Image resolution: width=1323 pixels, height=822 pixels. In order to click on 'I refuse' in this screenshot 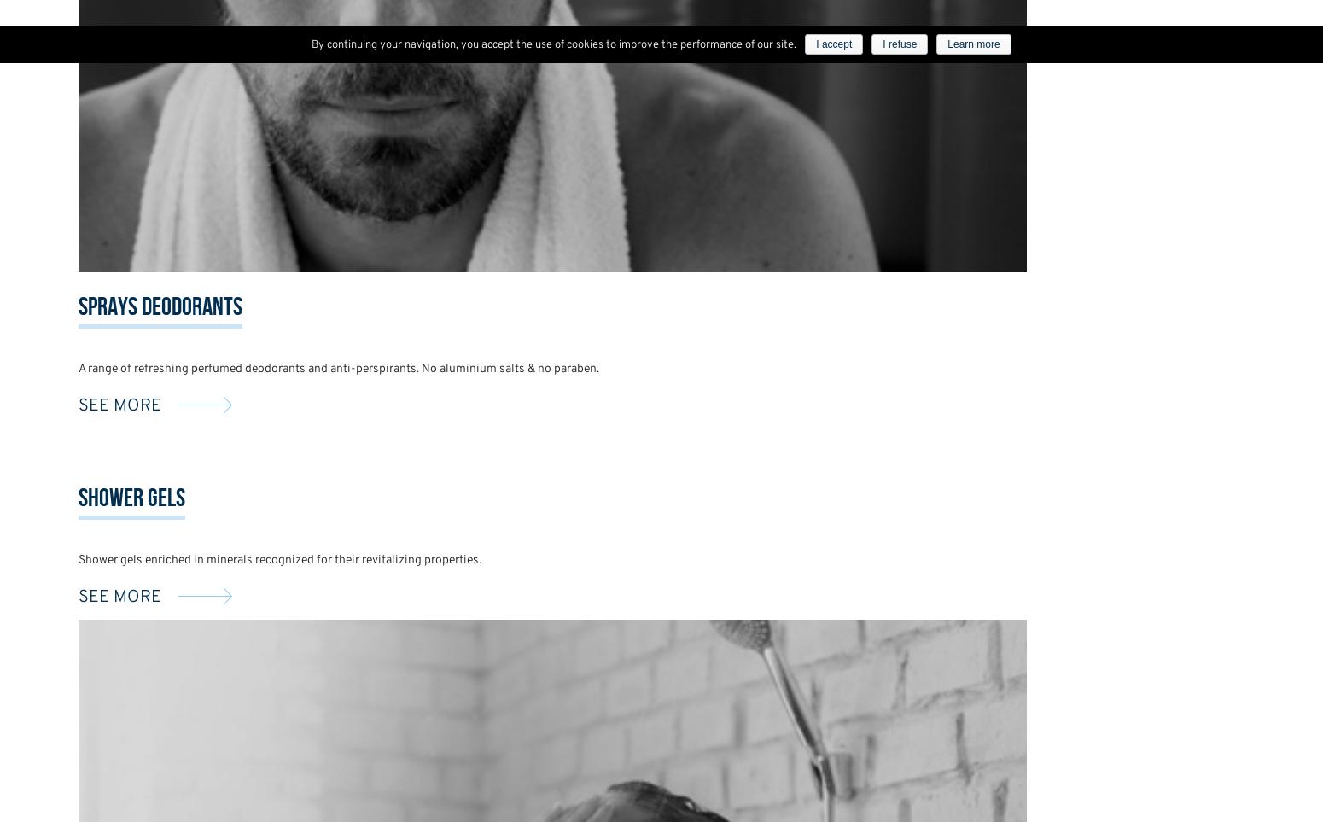, I will do `click(900, 44)`.